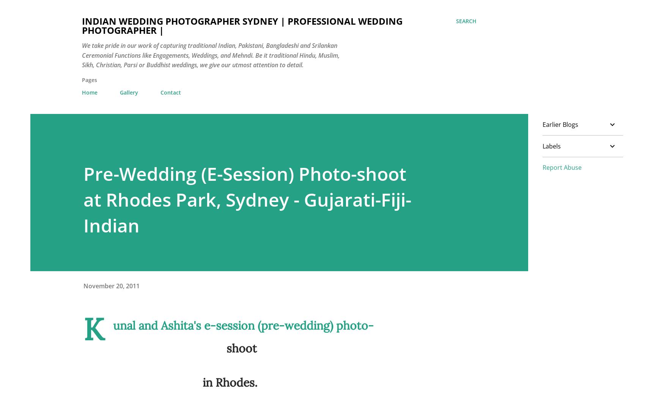 Image resolution: width=653 pixels, height=395 pixels. I want to click on 'gujarati', so click(417, 384).